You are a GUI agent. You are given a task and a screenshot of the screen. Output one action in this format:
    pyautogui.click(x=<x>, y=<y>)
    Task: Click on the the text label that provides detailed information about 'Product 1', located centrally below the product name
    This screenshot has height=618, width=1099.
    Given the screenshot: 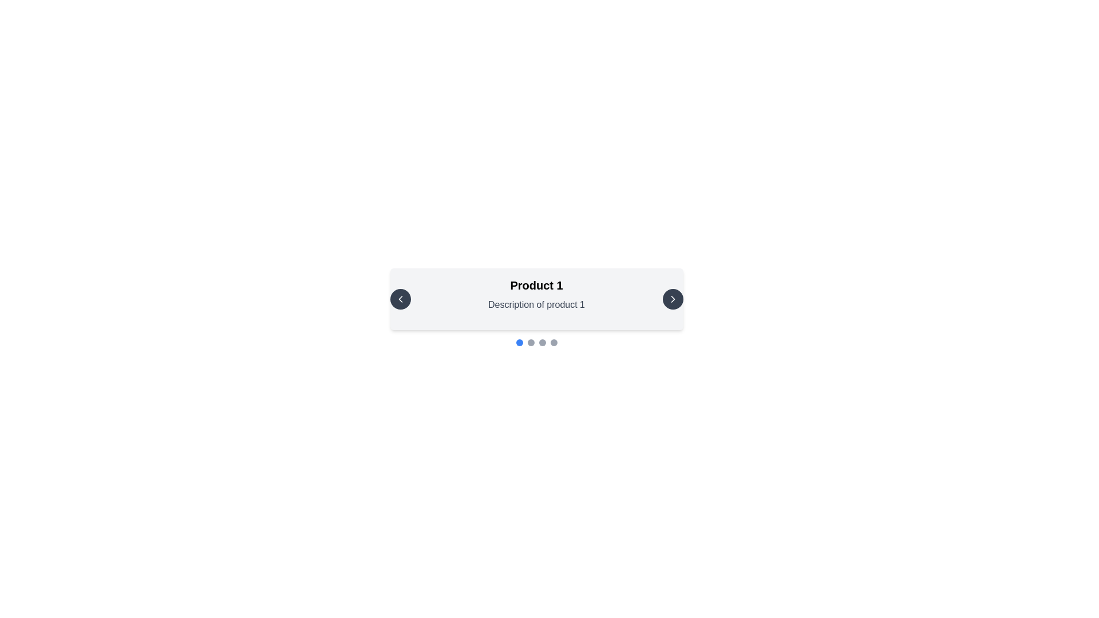 What is the action you would take?
    pyautogui.click(x=536, y=304)
    